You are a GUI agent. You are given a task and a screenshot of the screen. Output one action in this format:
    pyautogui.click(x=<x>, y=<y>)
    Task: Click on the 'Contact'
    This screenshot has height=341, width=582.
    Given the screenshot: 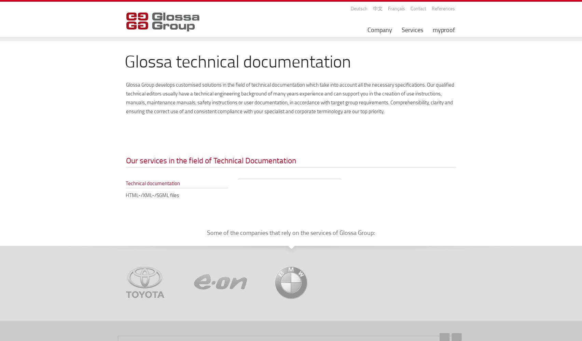 What is the action you would take?
    pyautogui.click(x=418, y=8)
    